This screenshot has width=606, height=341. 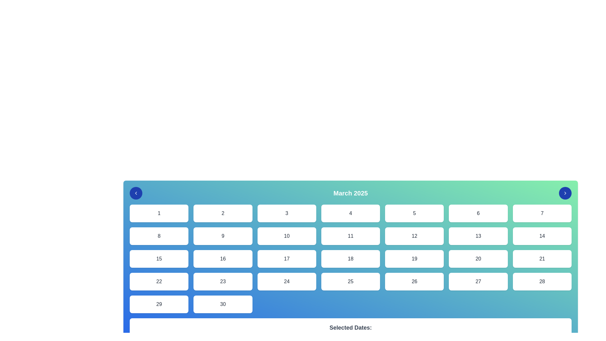 What do you see at coordinates (350, 236) in the screenshot?
I see `the button labeled '11', which is a rectangular button with rounded corners, a white background, and medium-sized text` at bounding box center [350, 236].